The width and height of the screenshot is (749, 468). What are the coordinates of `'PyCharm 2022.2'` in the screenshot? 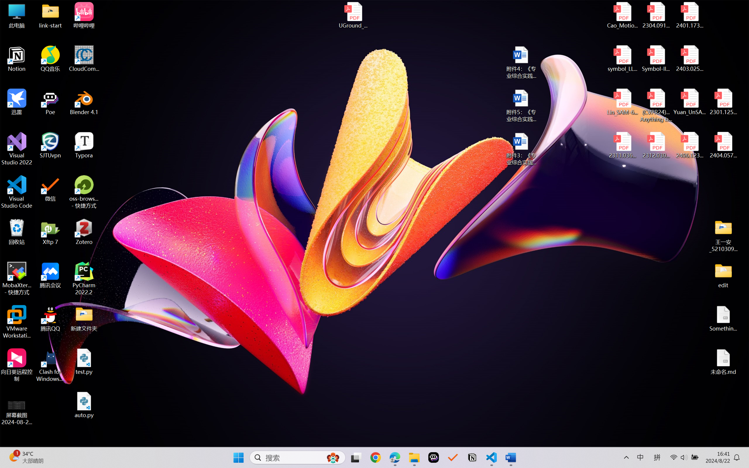 It's located at (84, 279).